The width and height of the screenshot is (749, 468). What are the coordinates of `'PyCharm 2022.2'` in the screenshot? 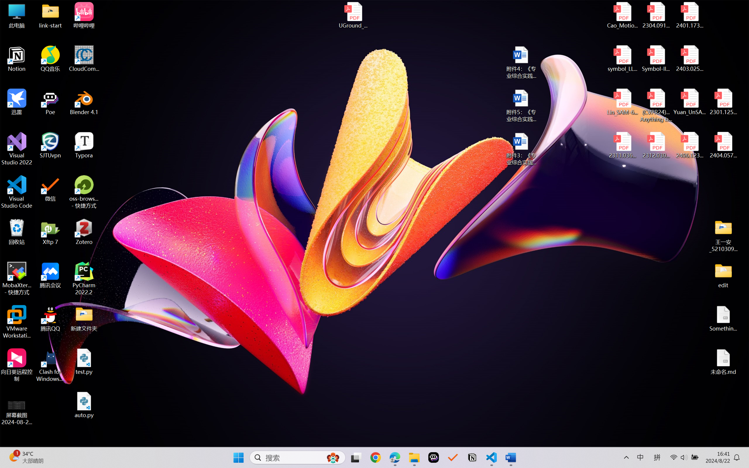 It's located at (84, 279).